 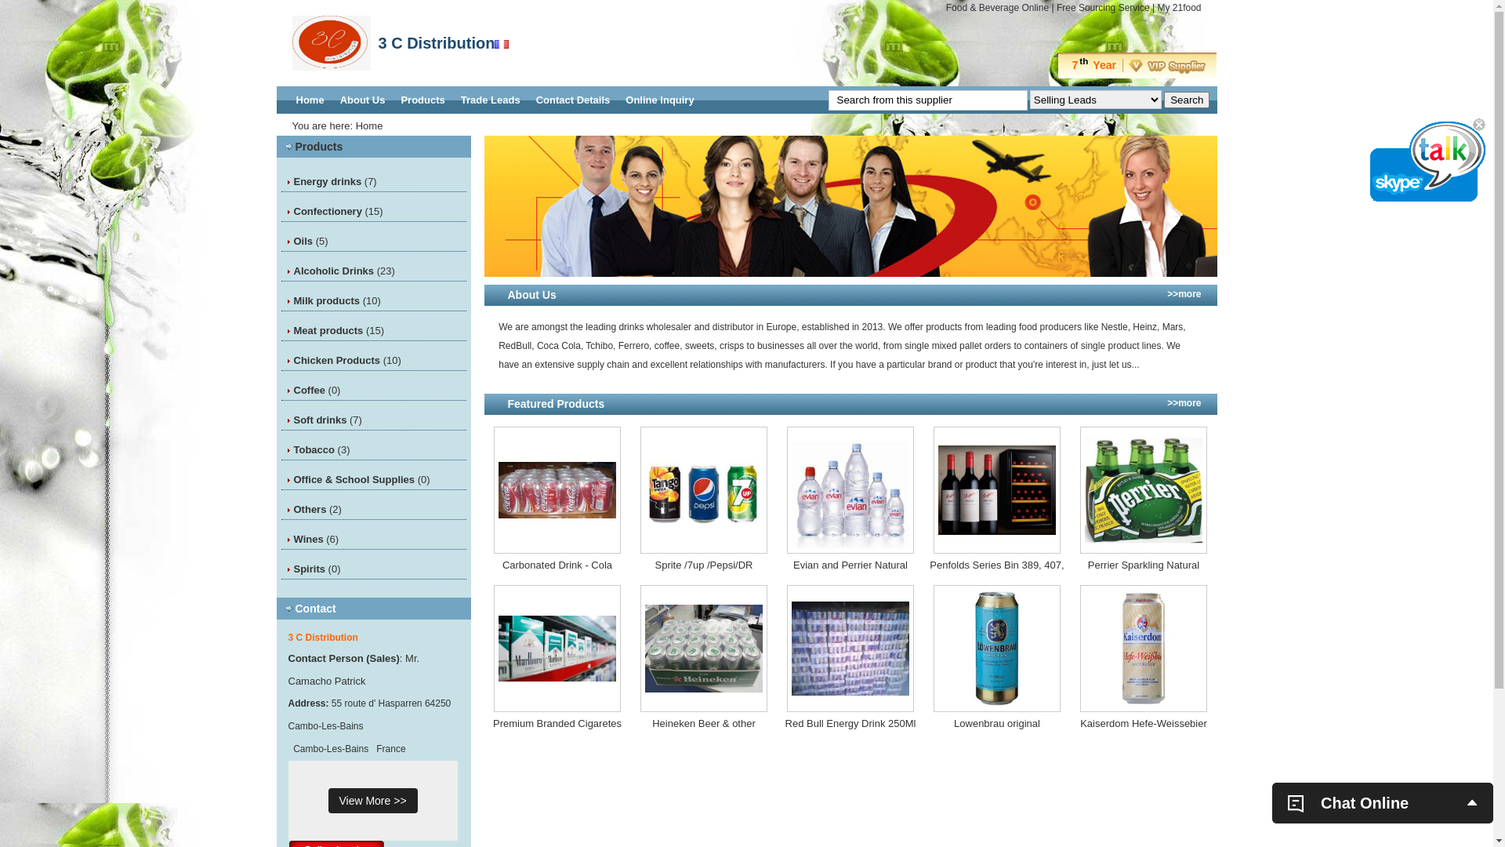 I want to click on 'Food & Beverage Online', so click(x=996, y=8).